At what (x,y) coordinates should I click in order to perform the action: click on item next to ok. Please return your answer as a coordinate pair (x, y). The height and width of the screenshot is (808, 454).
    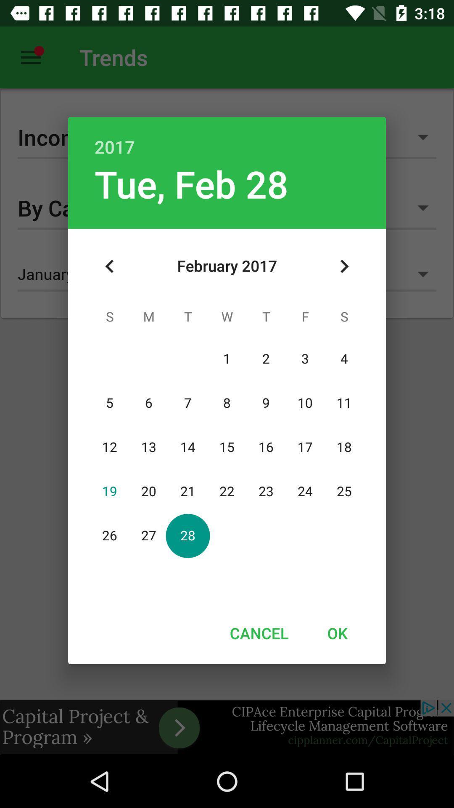
    Looking at the image, I should click on (259, 633).